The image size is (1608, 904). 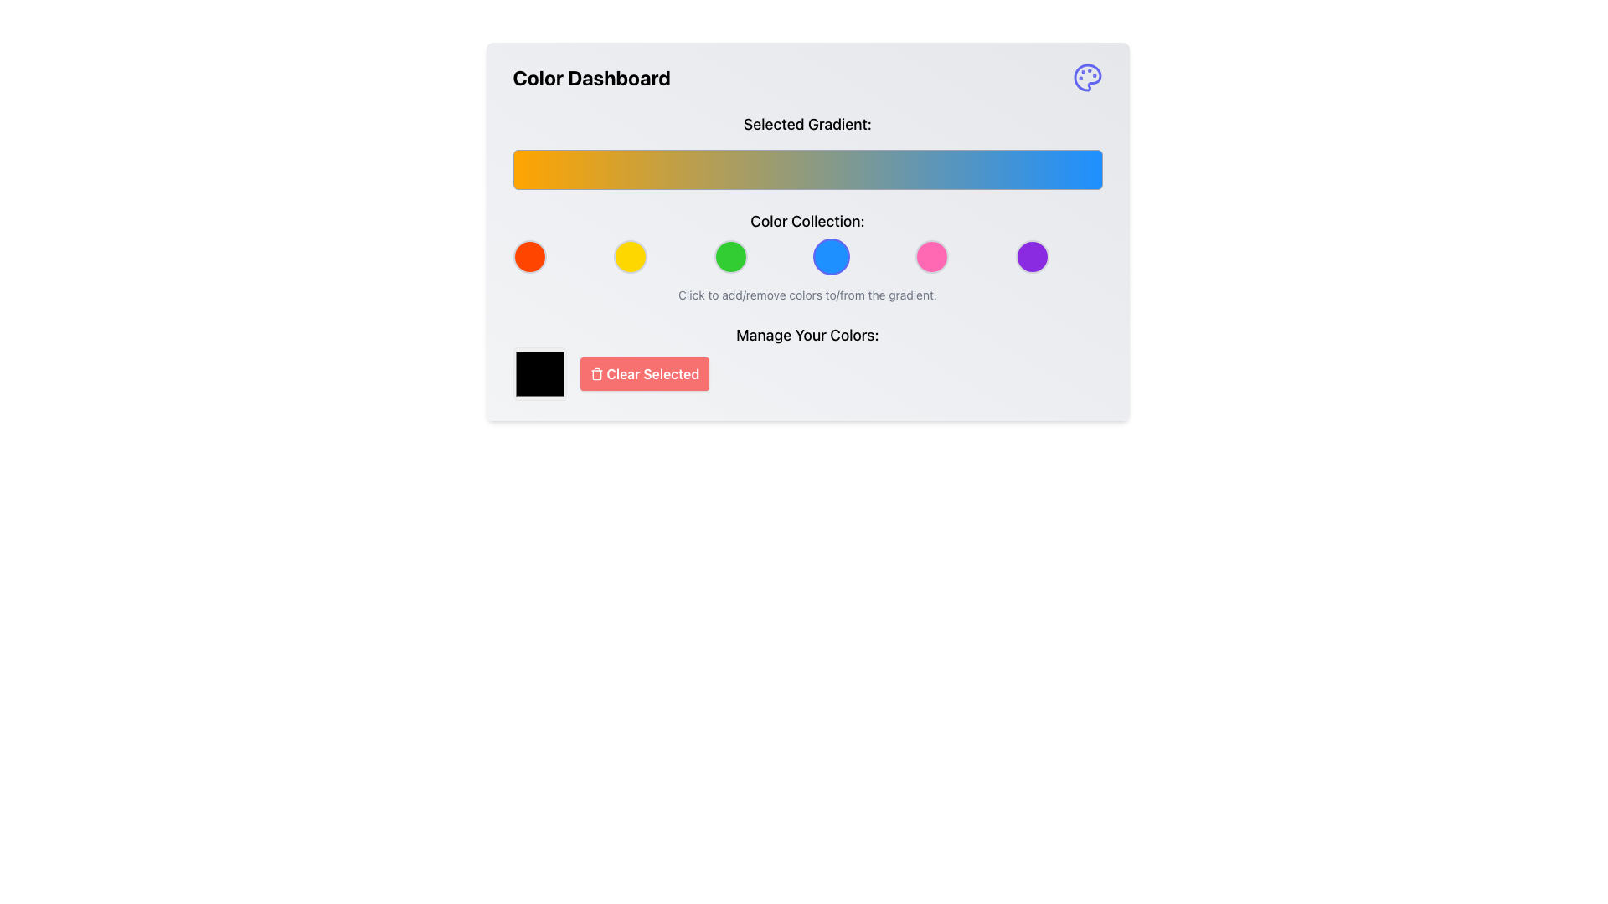 What do you see at coordinates (678, 170) in the screenshot?
I see `the gradient selection` at bounding box center [678, 170].